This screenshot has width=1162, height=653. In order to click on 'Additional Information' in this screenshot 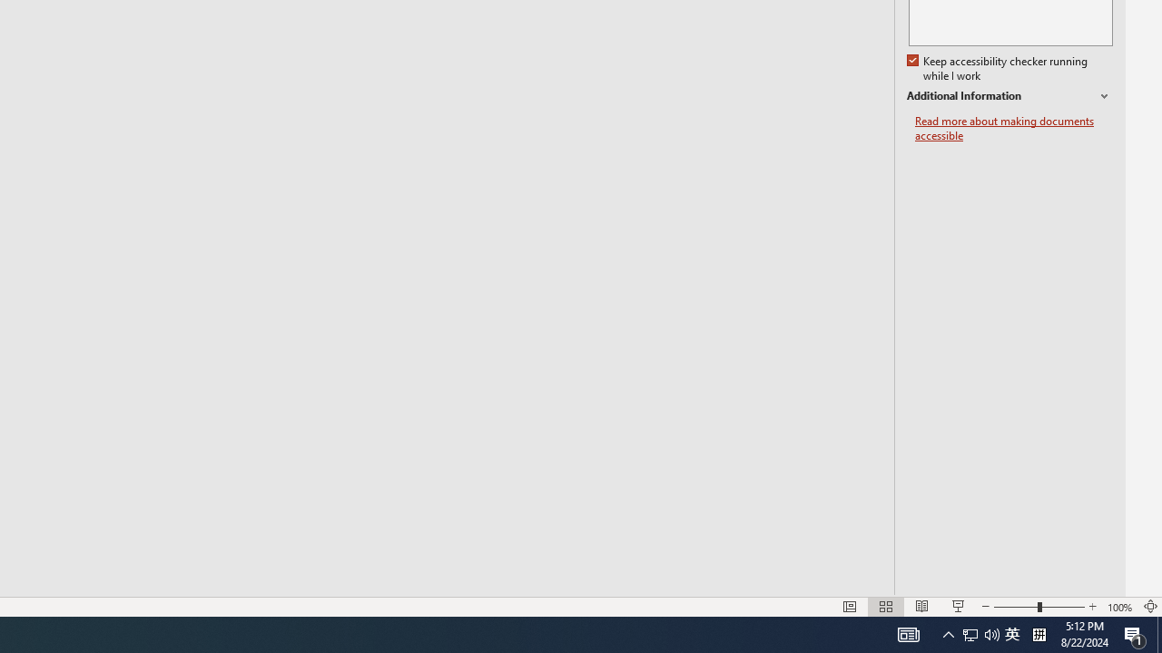, I will do `click(1009, 96)`.